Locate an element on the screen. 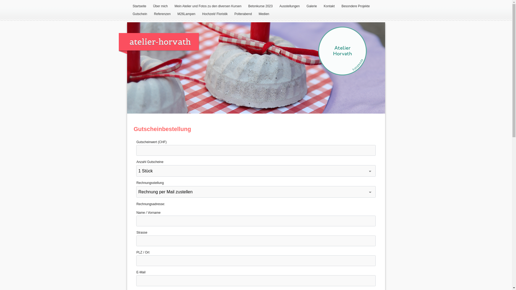 Image resolution: width=516 pixels, height=290 pixels. 'Besondere Projekte' is located at coordinates (356, 6).